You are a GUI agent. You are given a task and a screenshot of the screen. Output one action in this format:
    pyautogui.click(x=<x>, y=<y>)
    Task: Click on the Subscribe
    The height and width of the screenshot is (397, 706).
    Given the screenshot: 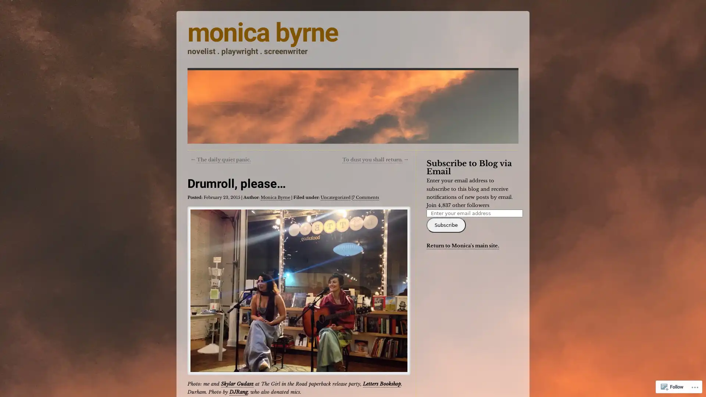 What is the action you would take?
    pyautogui.click(x=446, y=224)
    